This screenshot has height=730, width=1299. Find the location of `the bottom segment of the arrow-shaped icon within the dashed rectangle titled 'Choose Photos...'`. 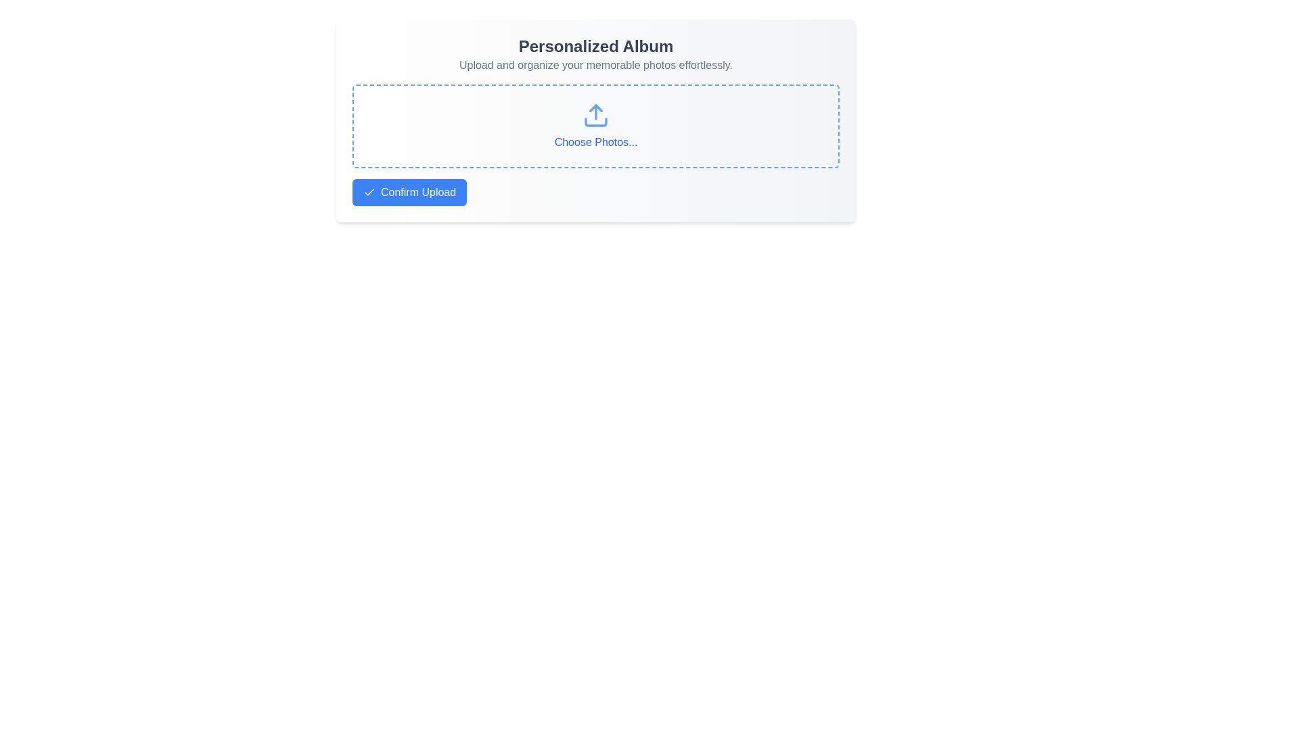

the bottom segment of the arrow-shaped icon within the dashed rectangle titled 'Choose Photos...' is located at coordinates (595, 122).